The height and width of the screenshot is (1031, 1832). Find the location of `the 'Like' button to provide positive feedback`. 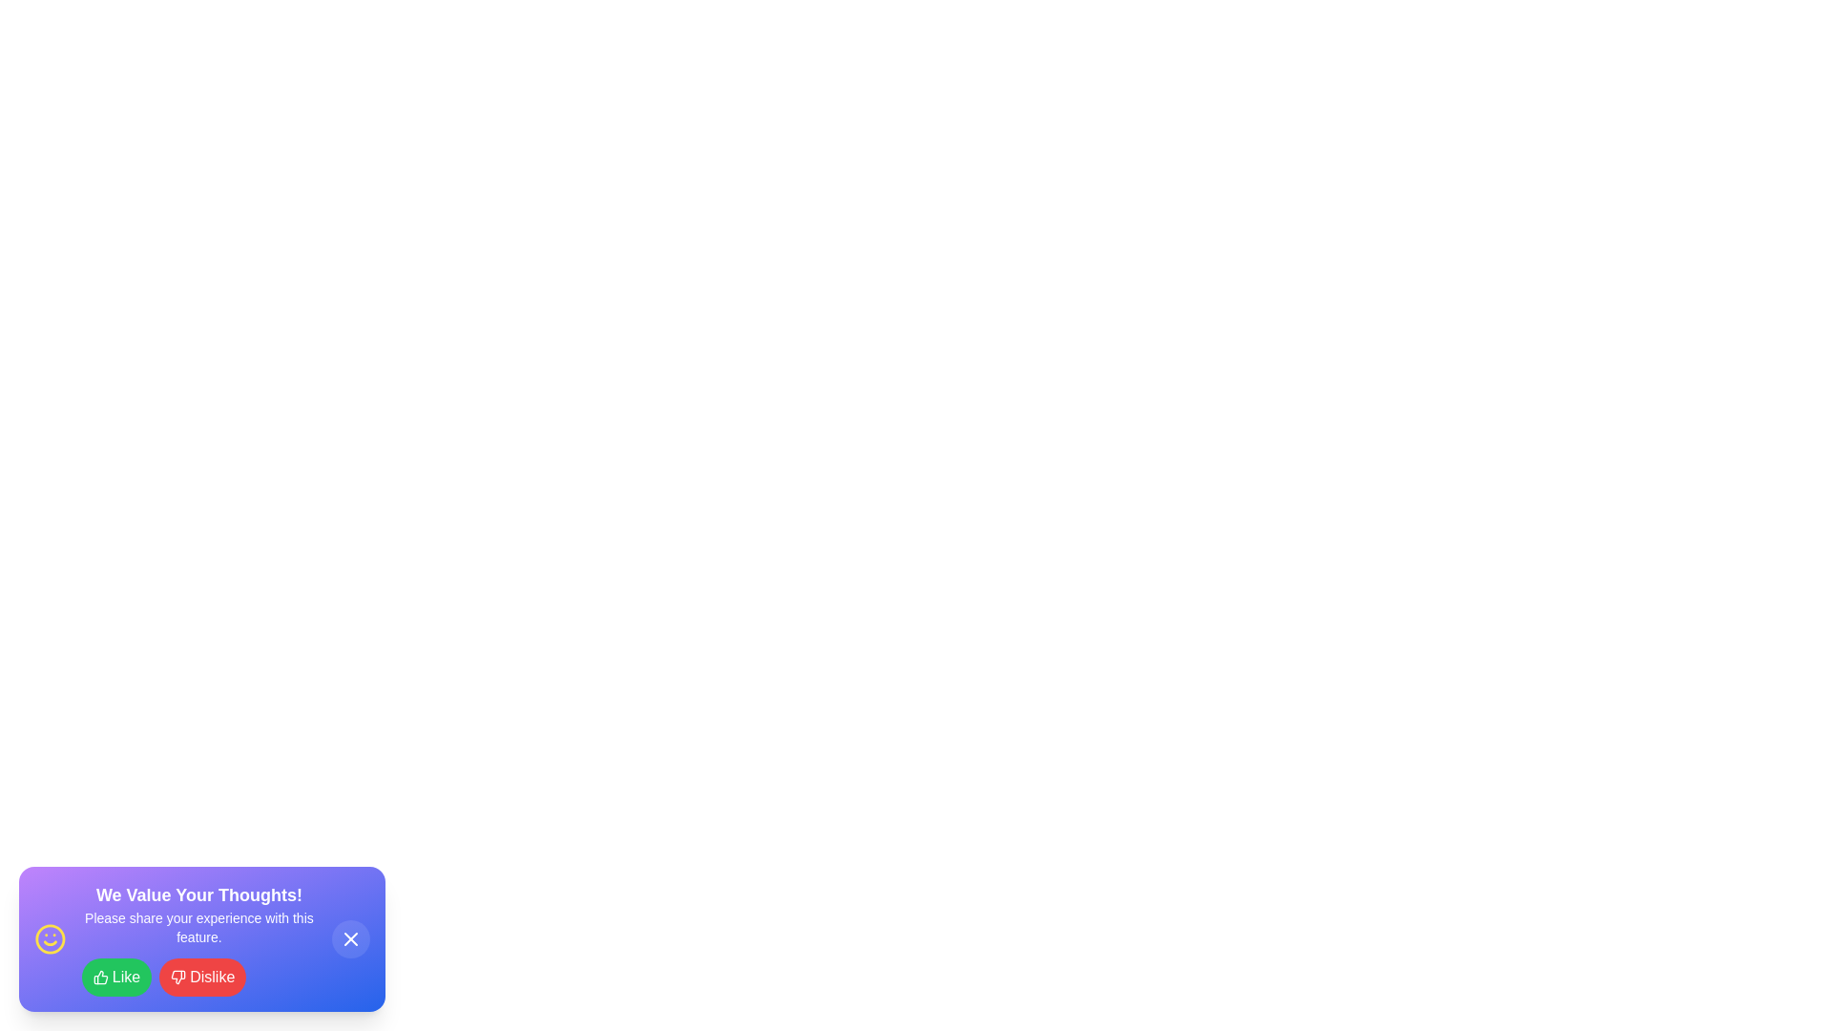

the 'Like' button to provide positive feedback is located at coordinates (115, 977).